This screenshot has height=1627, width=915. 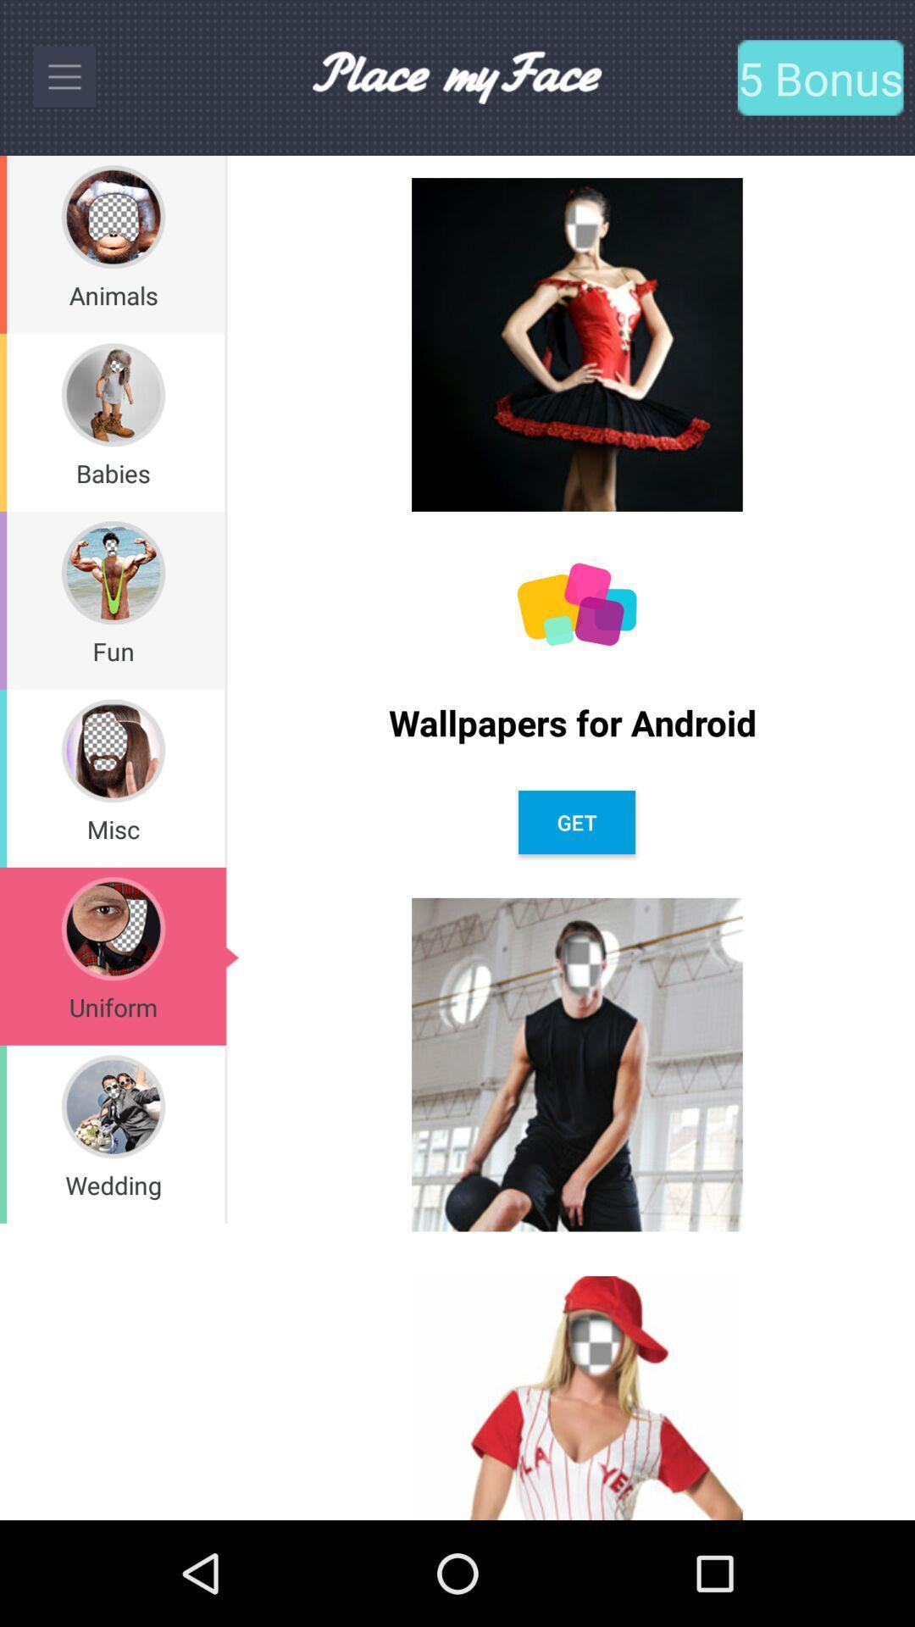 What do you see at coordinates (113, 829) in the screenshot?
I see `the misc app` at bounding box center [113, 829].